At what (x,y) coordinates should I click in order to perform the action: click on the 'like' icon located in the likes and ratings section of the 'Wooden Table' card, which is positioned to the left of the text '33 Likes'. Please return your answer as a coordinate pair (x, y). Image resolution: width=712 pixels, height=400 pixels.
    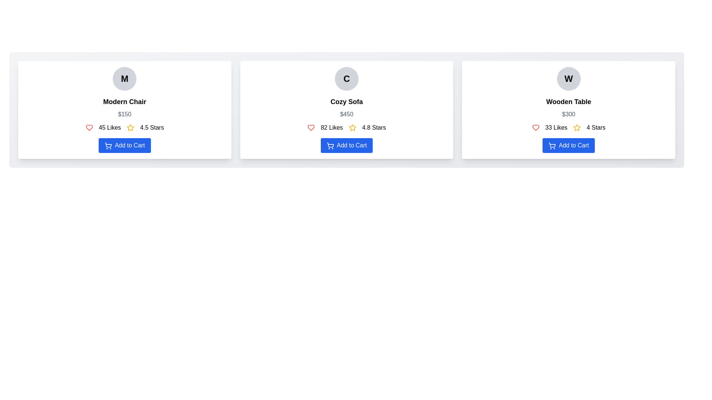
    Looking at the image, I should click on (535, 127).